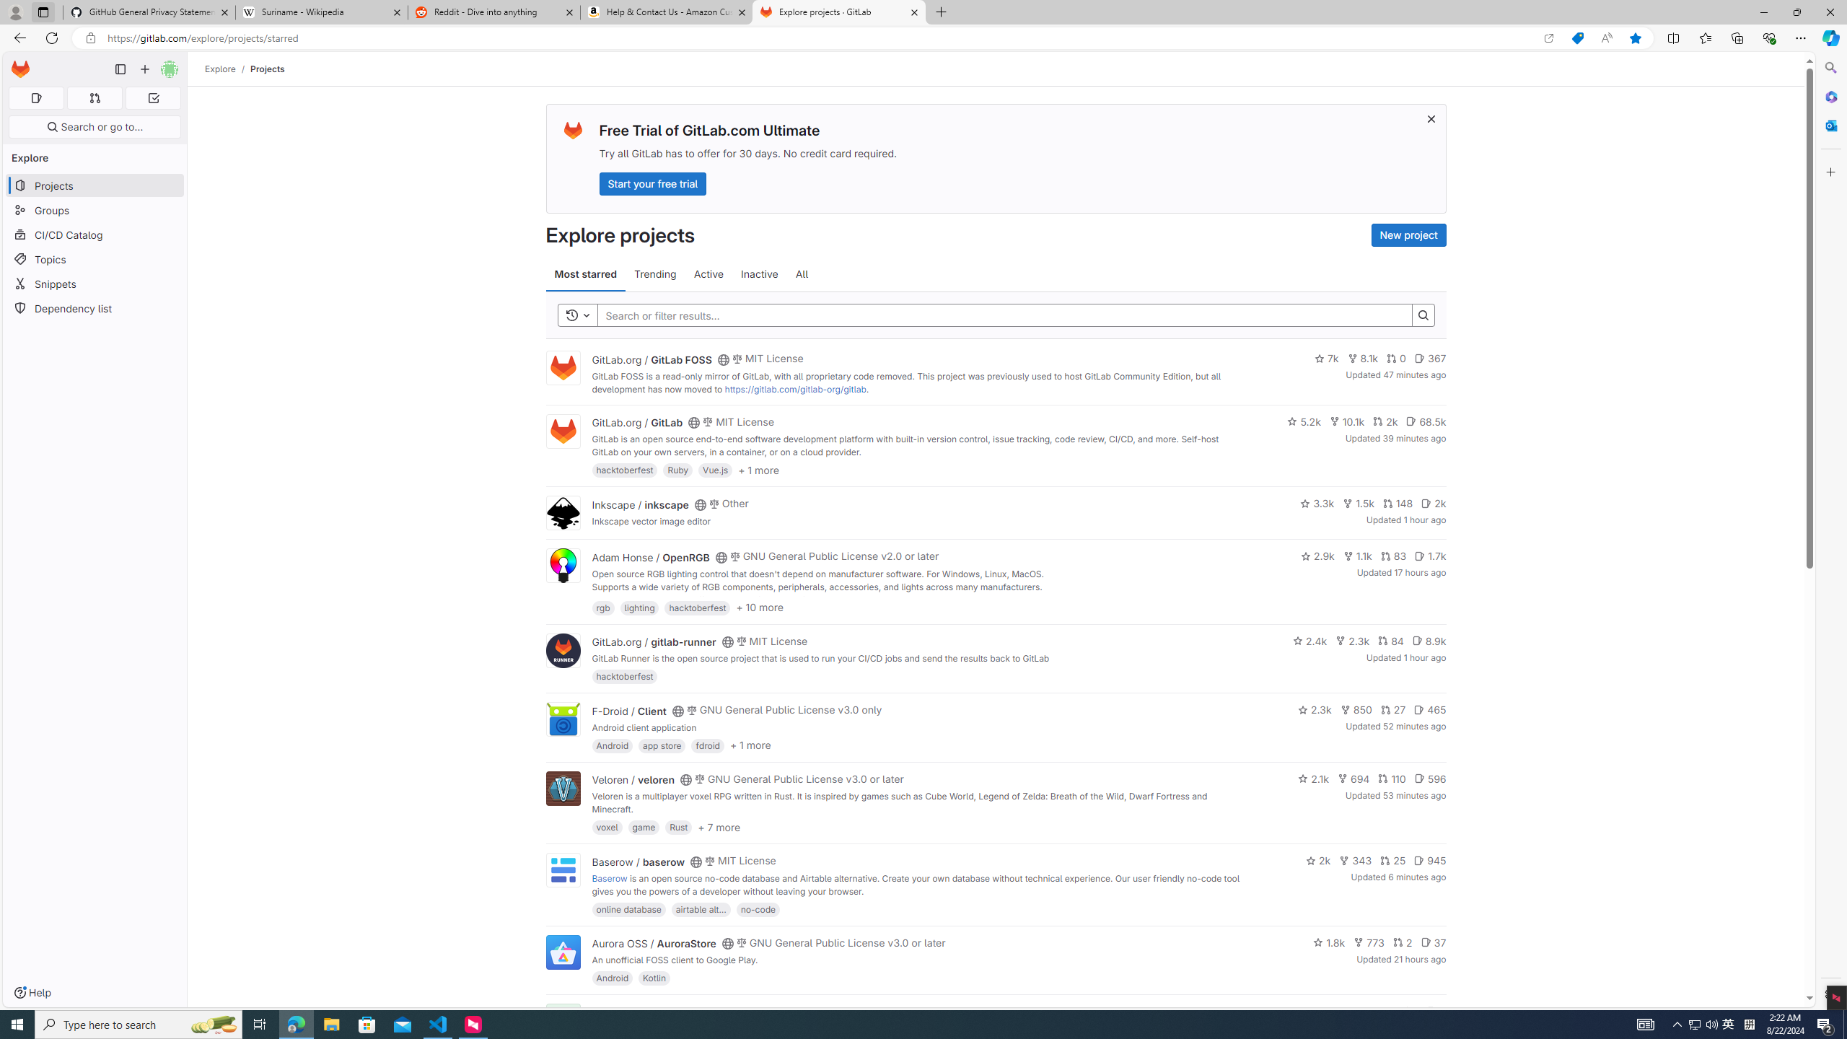 The image size is (1847, 1039). What do you see at coordinates (633, 779) in the screenshot?
I see `'Veloren / veloren'` at bounding box center [633, 779].